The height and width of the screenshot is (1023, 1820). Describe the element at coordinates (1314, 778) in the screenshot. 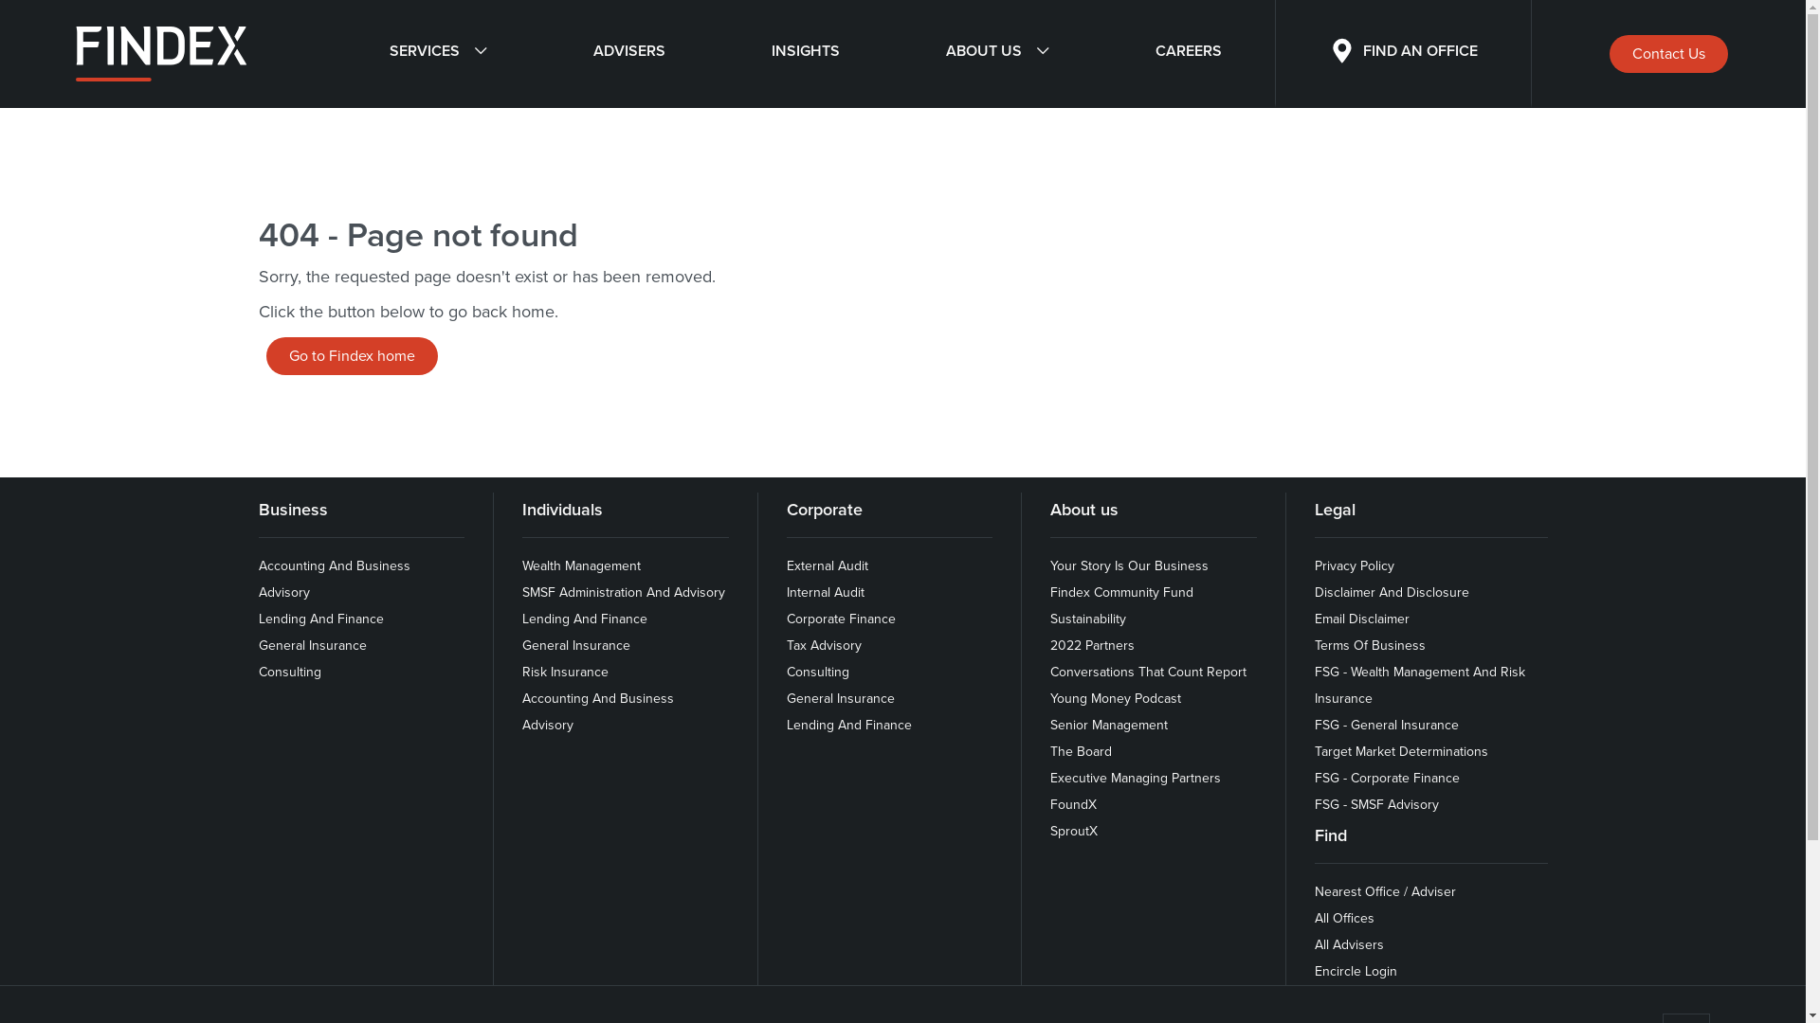

I see `'FSG - Corporate Finance'` at that location.